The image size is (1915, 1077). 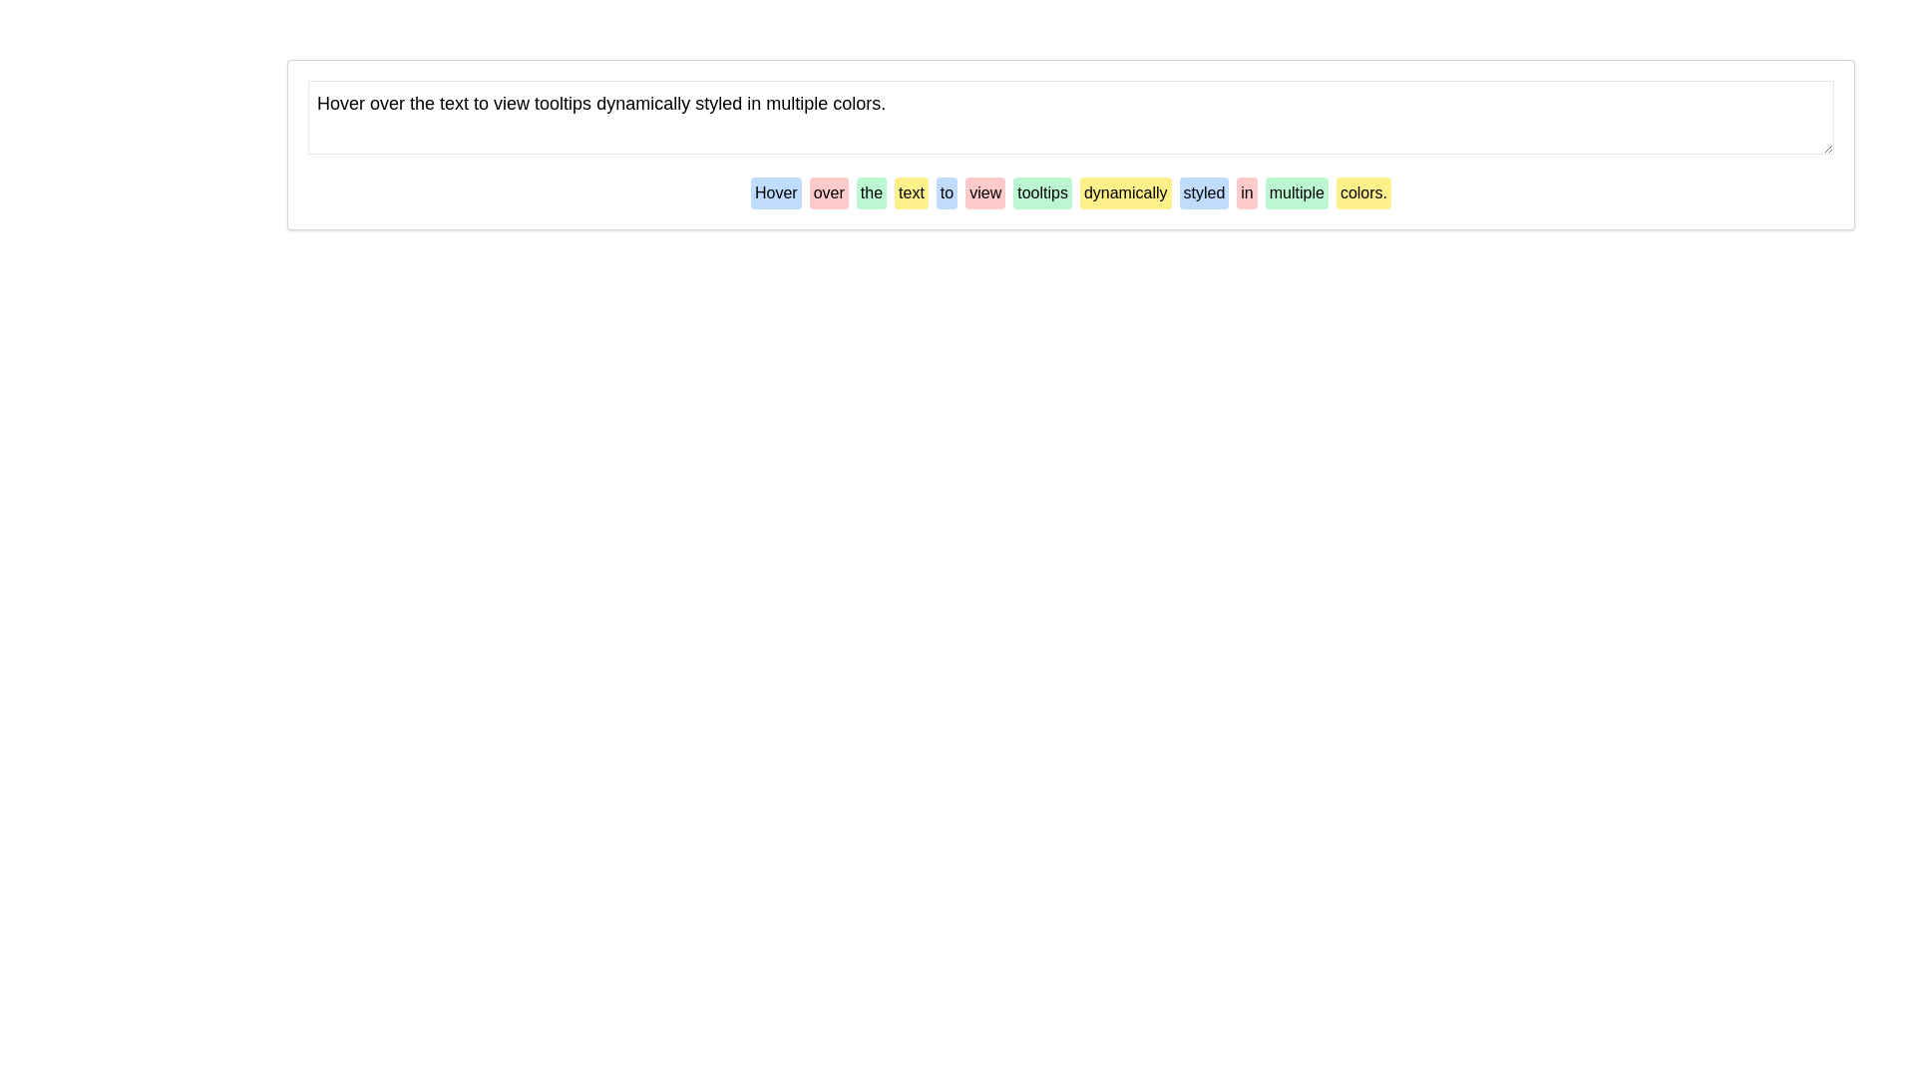 I want to click on the fourth item in the horizontal sequence of tooltip components, which is located between the green 'Tooltip for thethe' and the blue 'Tooltip for toto', so click(x=910, y=192).